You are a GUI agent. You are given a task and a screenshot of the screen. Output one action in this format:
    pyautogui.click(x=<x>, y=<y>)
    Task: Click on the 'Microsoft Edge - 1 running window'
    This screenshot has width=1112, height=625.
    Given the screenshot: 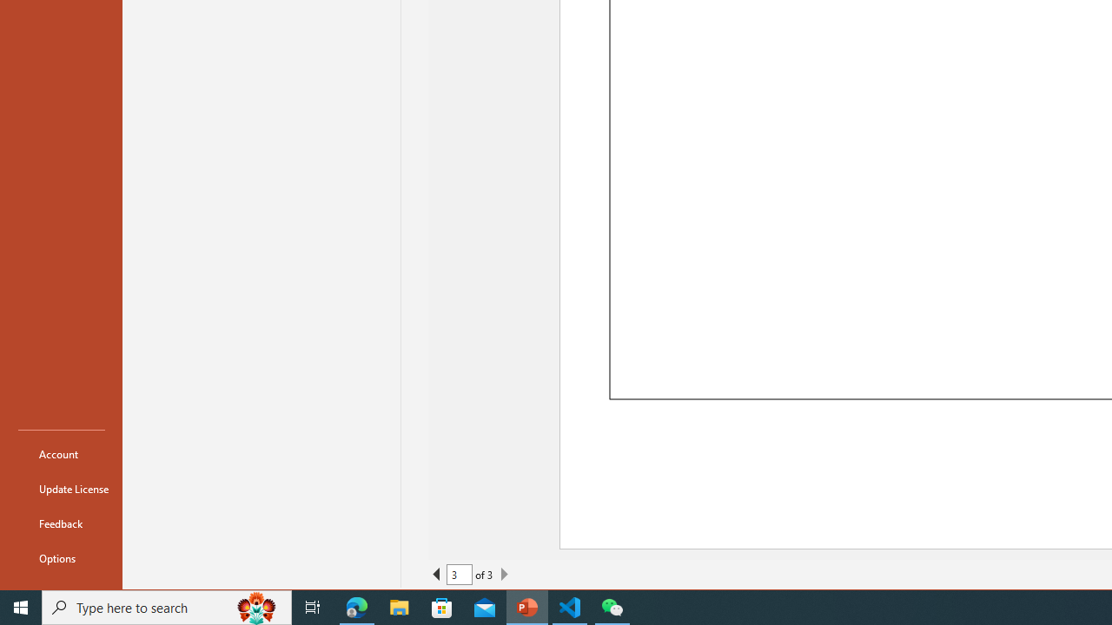 What is the action you would take?
    pyautogui.click(x=356, y=606)
    